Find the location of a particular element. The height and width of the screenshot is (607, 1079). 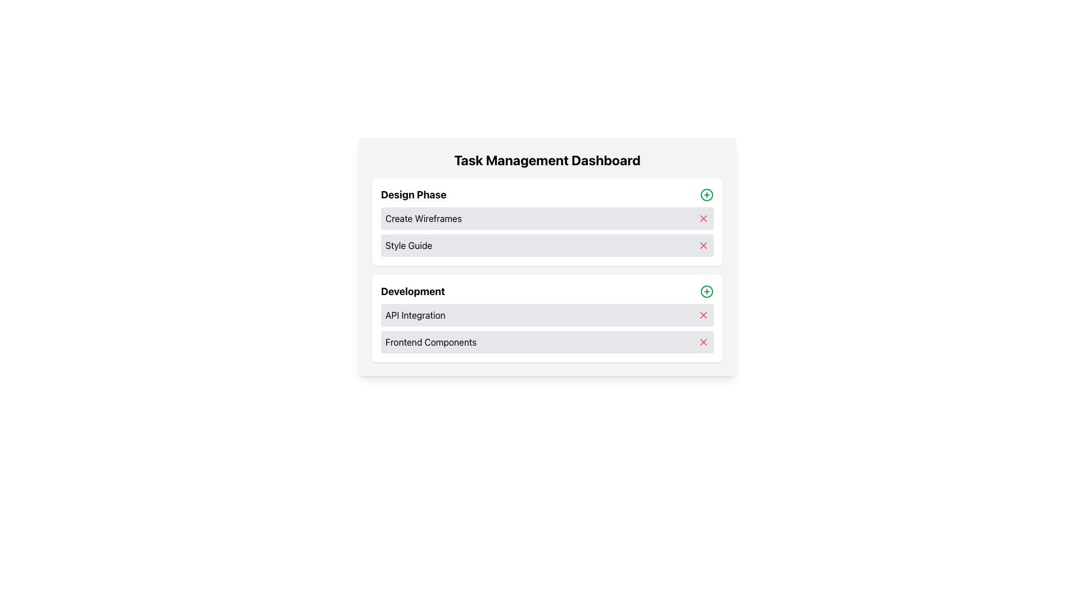

text label displaying 'API Integration' located in the upper part of the 'Development' section, which is the first list item above 'Frontend Components' is located at coordinates (415, 315).